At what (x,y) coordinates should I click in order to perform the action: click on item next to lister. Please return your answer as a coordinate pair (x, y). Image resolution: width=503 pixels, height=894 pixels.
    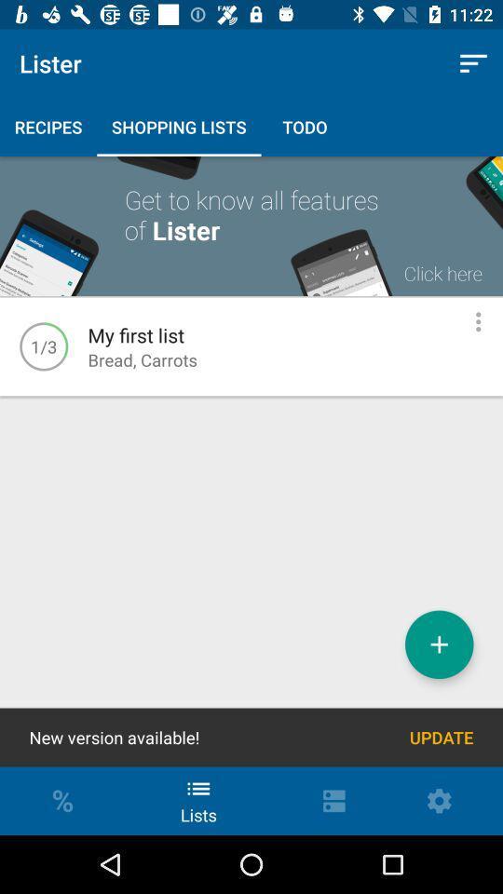
    Looking at the image, I should click on (473, 63).